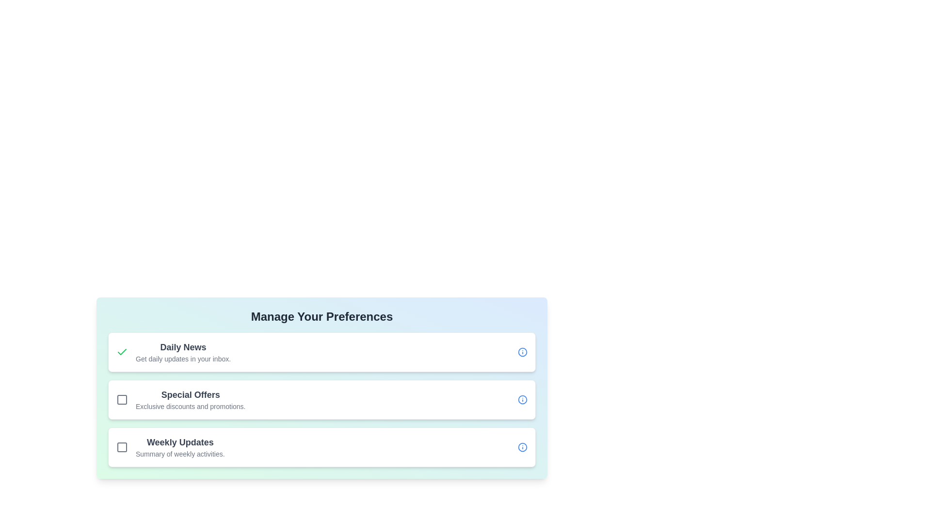  Describe the element at coordinates (122, 400) in the screenshot. I see `the gray outlined square checkbox located before the text 'Special Offers'` at that location.